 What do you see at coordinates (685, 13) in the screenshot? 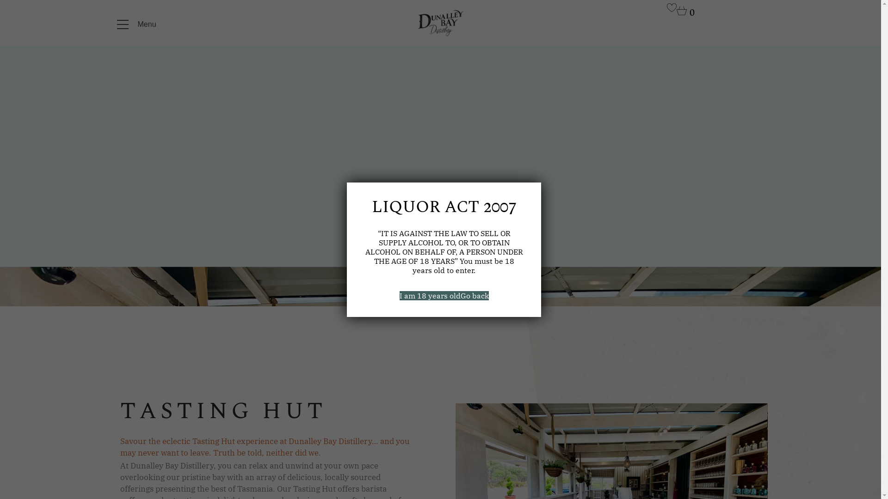
I see `'0'` at bounding box center [685, 13].